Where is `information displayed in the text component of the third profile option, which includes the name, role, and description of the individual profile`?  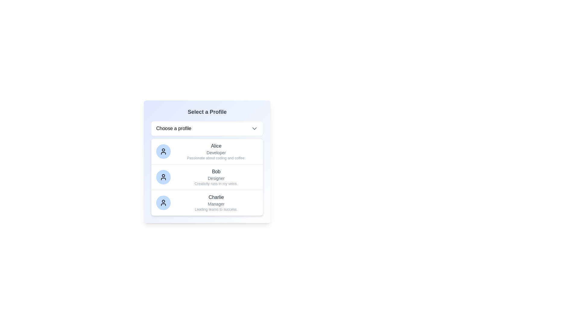 information displayed in the text component of the third profile option, which includes the name, role, and description of the individual profile is located at coordinates (216, 203).